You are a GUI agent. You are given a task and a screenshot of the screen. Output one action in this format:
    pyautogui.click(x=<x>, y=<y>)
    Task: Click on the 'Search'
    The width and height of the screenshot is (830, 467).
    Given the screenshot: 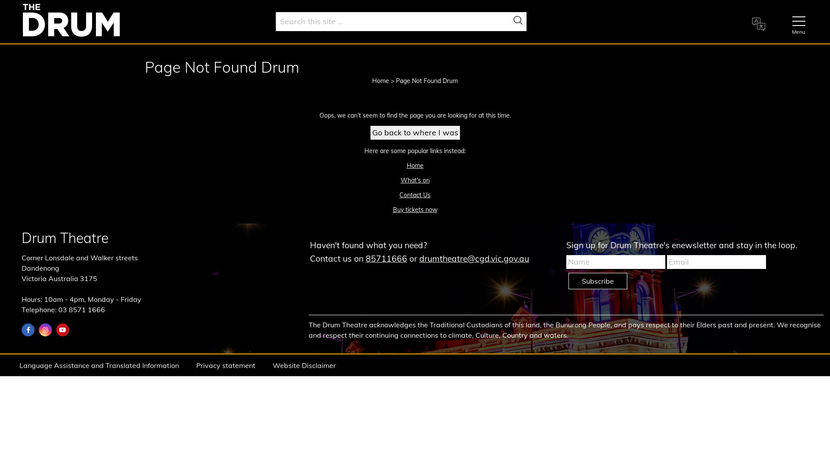 What is the action you would take?
    pyautogui.click(x=520, y=22)
    